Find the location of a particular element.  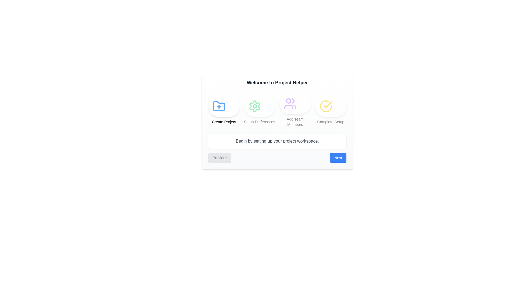

the 'Previous' button to verify its disabled functionality is located at coordinates (220, 157).